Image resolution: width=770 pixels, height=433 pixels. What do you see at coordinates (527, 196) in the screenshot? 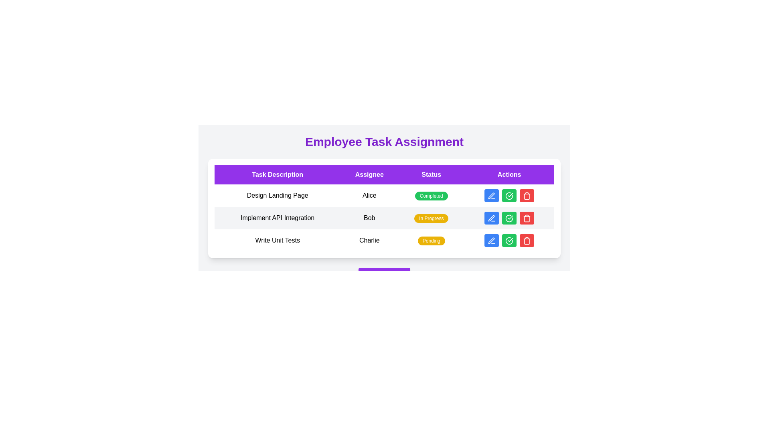
I see `the red button with a trash can icon in the 'Actions' section of the third row` at bounding box center [527, 196].